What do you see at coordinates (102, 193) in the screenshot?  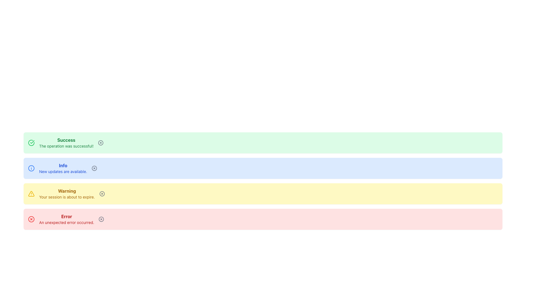 I see `the circular boundary of the close icon located at the right side of the yellow warning alert box` at bounding box center [102, 193].